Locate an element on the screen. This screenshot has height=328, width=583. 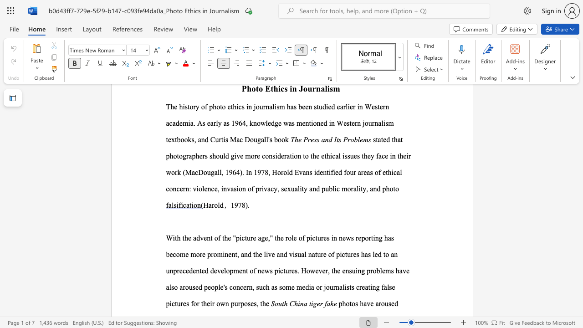
the subset text "entif" within the text "identified" is located at coordinates (320, 172).